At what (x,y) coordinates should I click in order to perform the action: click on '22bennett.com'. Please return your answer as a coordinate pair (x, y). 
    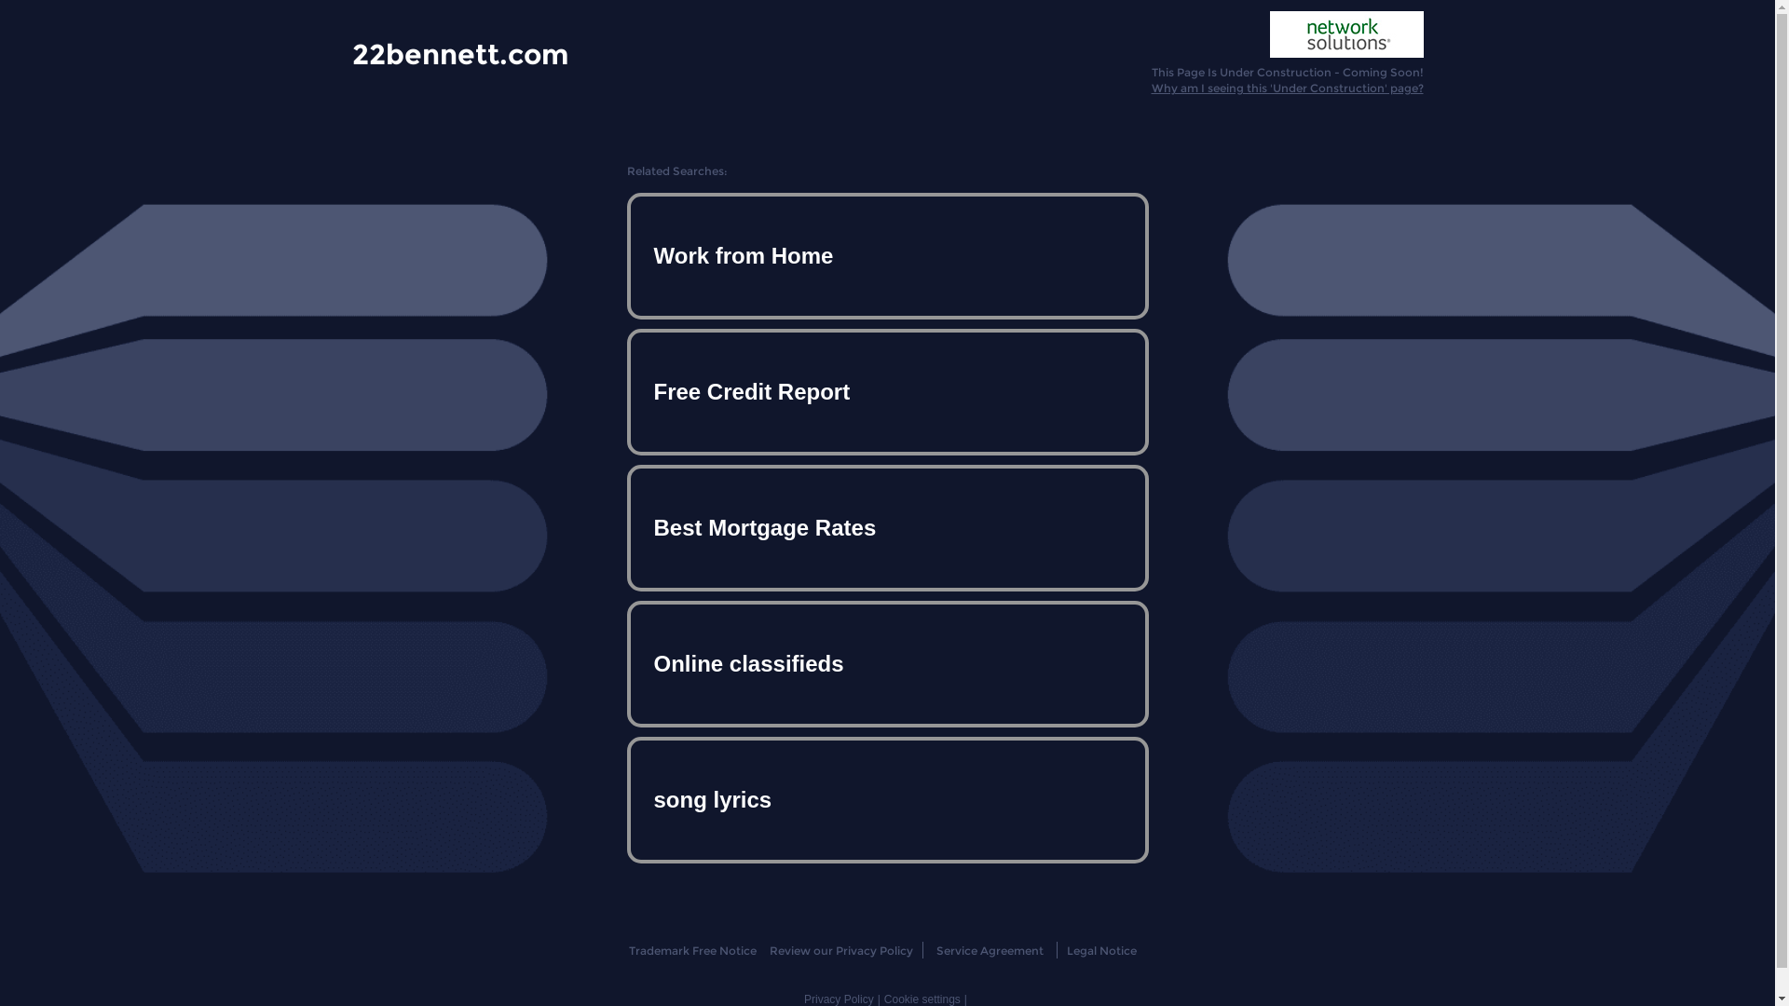
    Looking at the image, I should click on (352, 52).